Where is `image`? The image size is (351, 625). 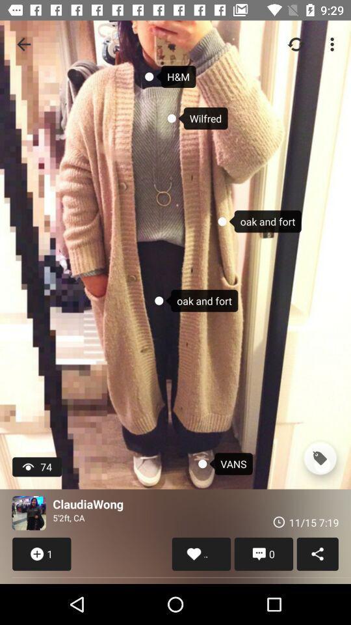 image is located at coordinates (29, 513).